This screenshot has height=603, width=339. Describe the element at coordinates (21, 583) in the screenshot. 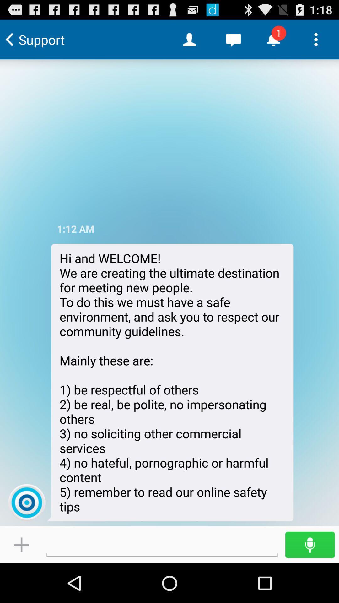

I see `the add icon` at that location.